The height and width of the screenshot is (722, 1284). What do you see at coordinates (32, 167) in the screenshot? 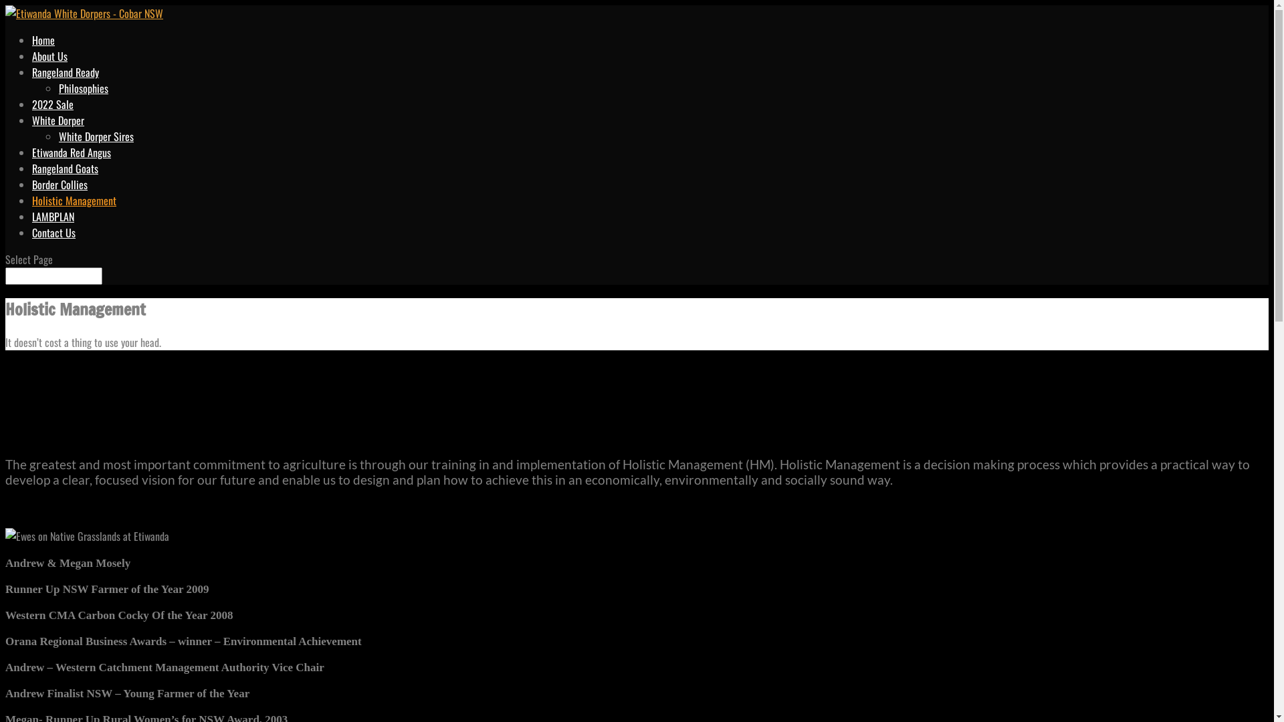
I see `'Rangeland Goats'` at bounding box center [32, 167].